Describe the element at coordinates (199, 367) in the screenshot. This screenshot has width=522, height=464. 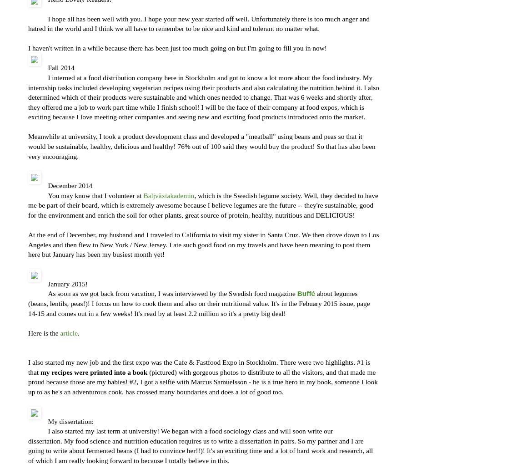
I see `'I also started my new job and the first expo was the Cafe & Fastfood Expo in Stockholm. There were two highlights. #1 is that'` at that location.